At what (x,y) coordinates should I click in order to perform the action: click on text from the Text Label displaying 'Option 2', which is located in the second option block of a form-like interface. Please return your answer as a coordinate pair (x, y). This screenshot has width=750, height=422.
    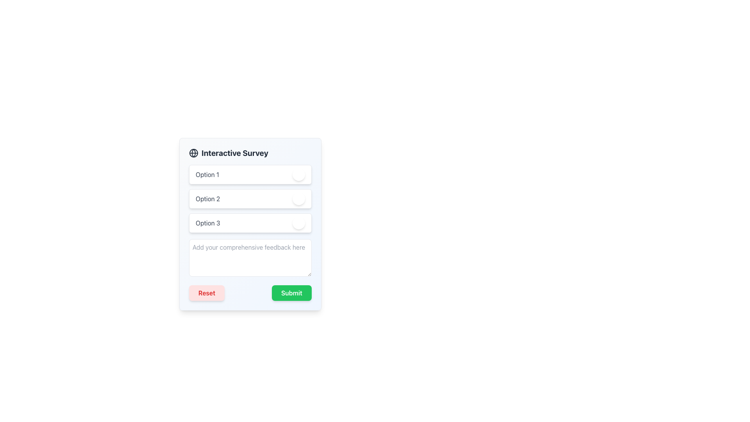
    Looking at the image, I should click on (208, 198).